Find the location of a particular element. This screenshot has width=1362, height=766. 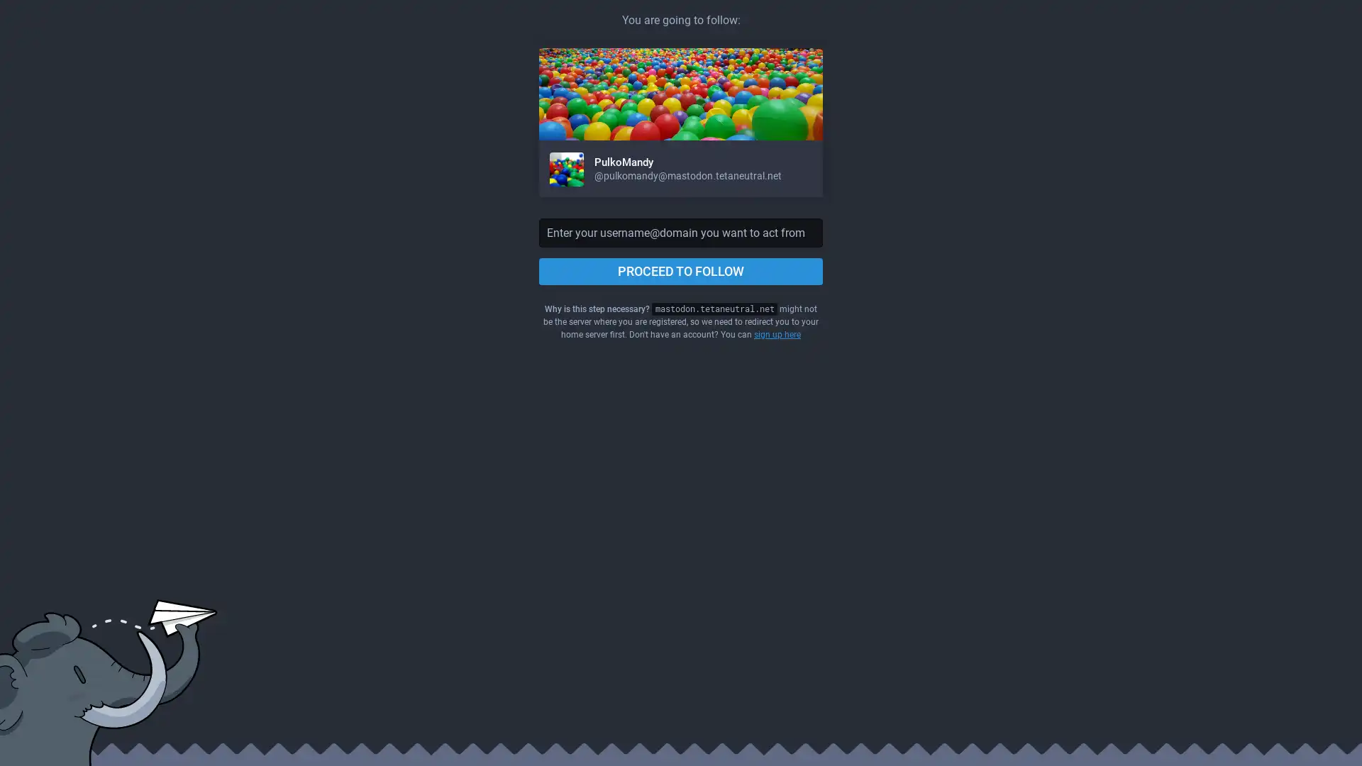

PROCEED TO FOLLOW is located at coordinates (681, 271).